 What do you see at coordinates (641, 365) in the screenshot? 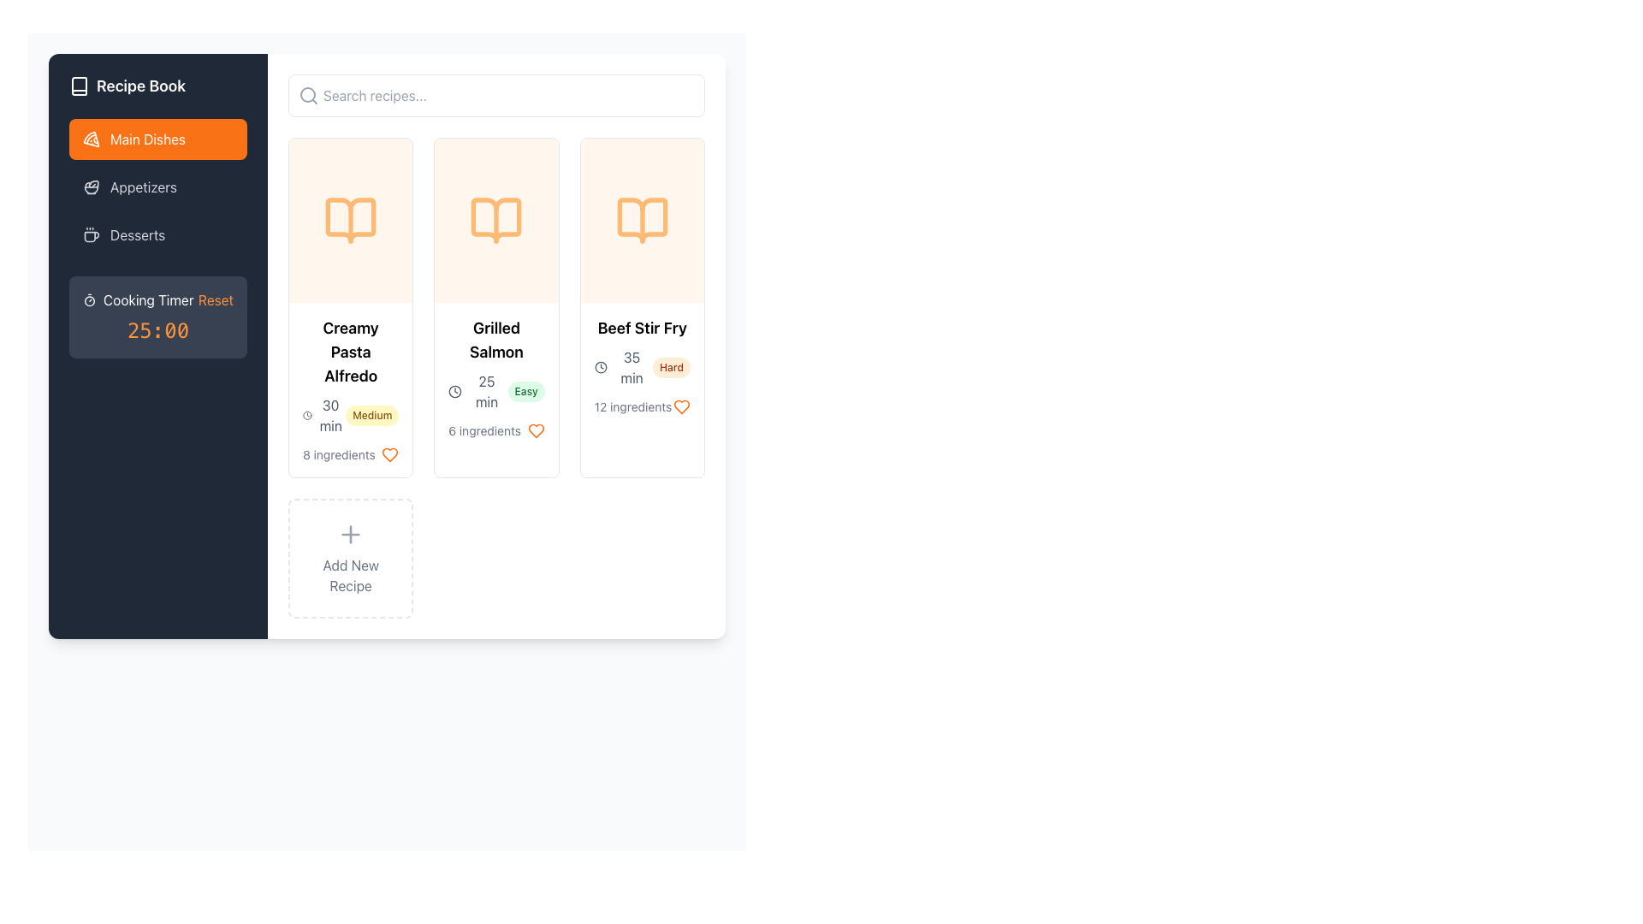
I see `the Recipe information card located in the 'Main Dishes' section, which is the third card in a horizontal list` at bounding box center [641, 365].